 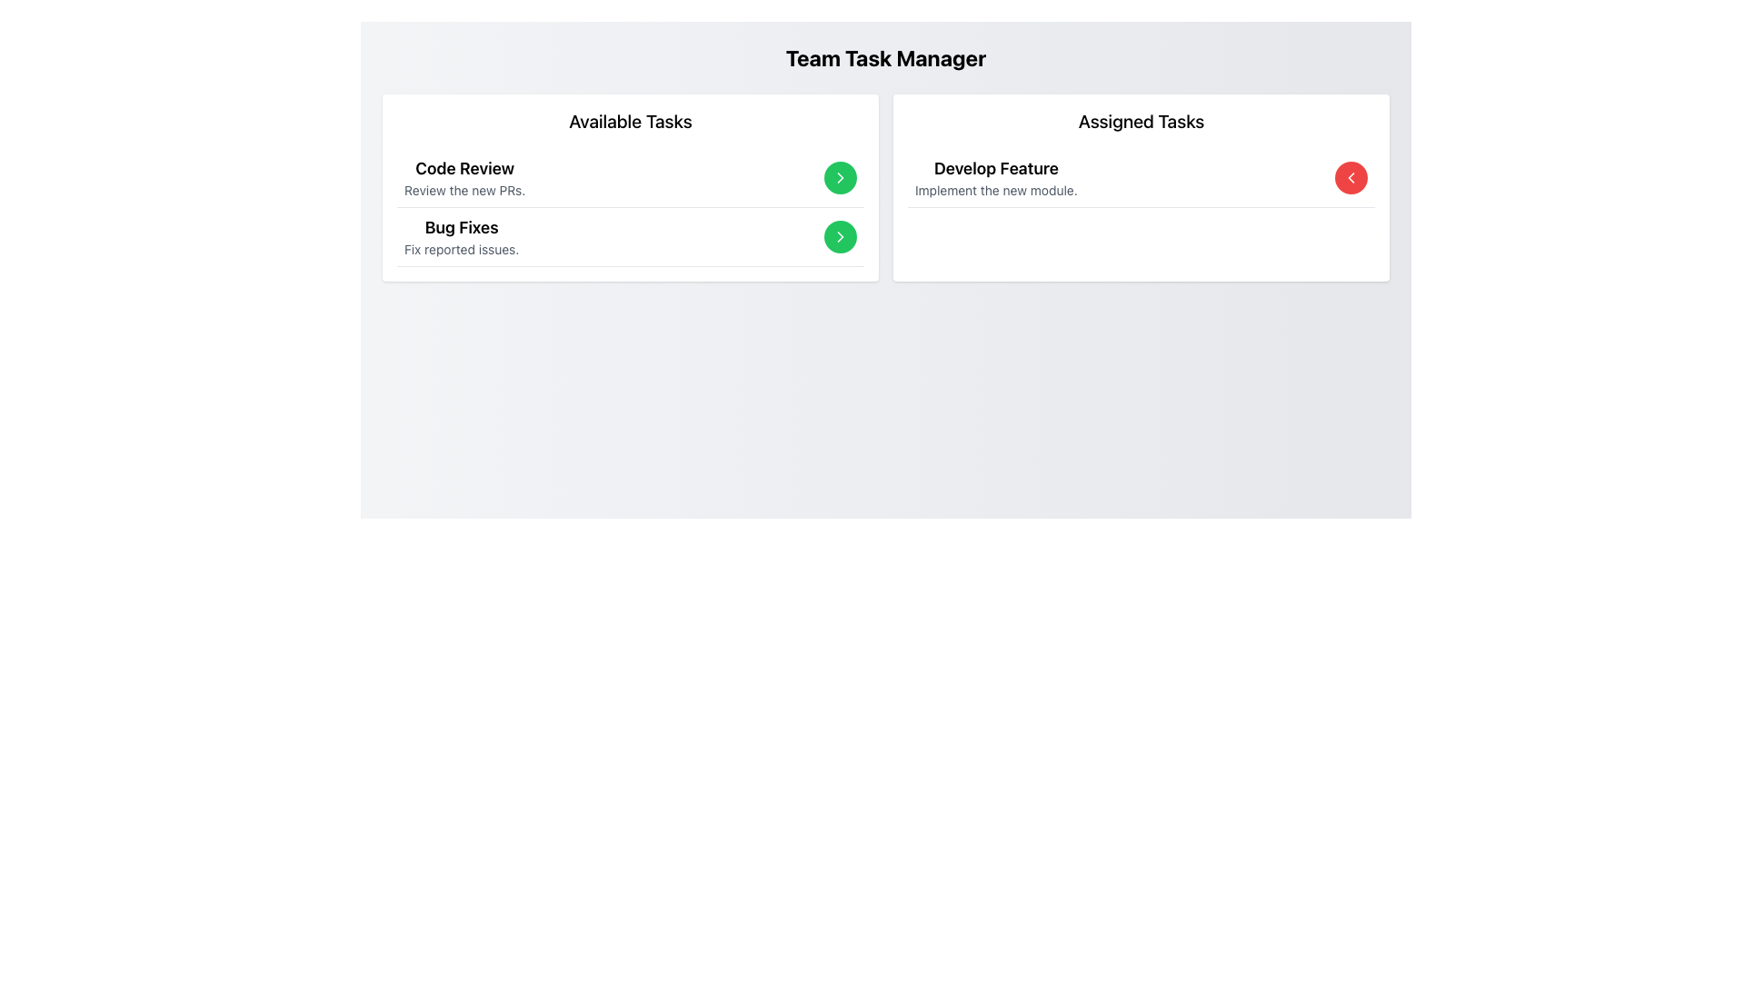 What do you see at coordinates (1141, 122) in the screenshot?
I see `the Static text header that serves as the label for the 'Assigned Tasks' section` at bounding box center [1141, 122].